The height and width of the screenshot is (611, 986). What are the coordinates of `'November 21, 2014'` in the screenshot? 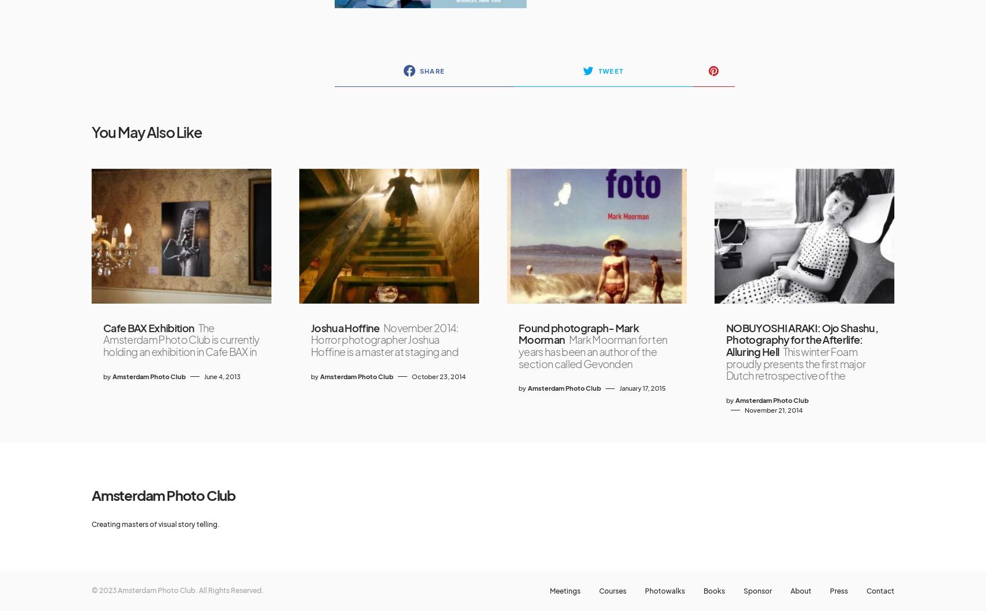 It's located at (745, 409).